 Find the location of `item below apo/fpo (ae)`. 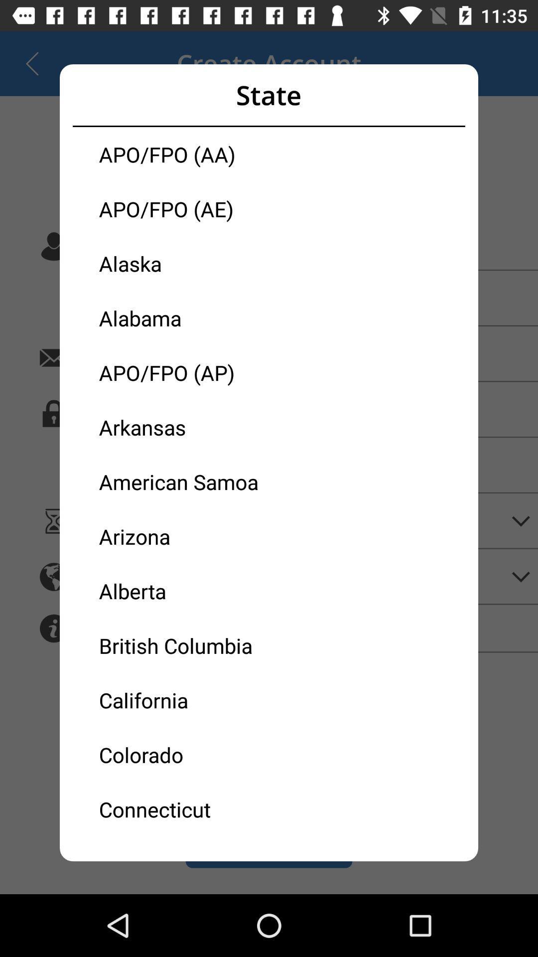

item below apo/fpo (ae) is located at coordinates (184, 263).